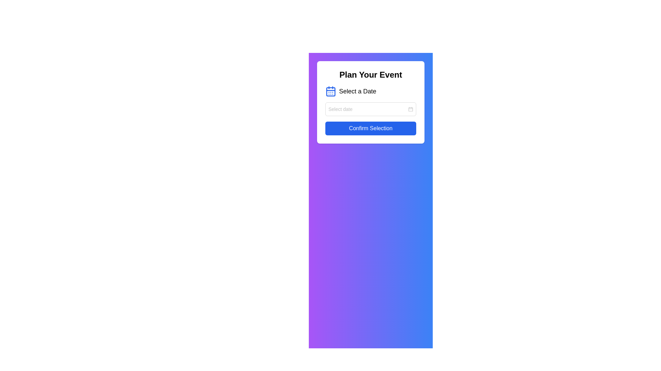  I want to click on the decorative design component that is part of the calendar icon, located to the left of the 'Select a Date' text, so click(330, 91).